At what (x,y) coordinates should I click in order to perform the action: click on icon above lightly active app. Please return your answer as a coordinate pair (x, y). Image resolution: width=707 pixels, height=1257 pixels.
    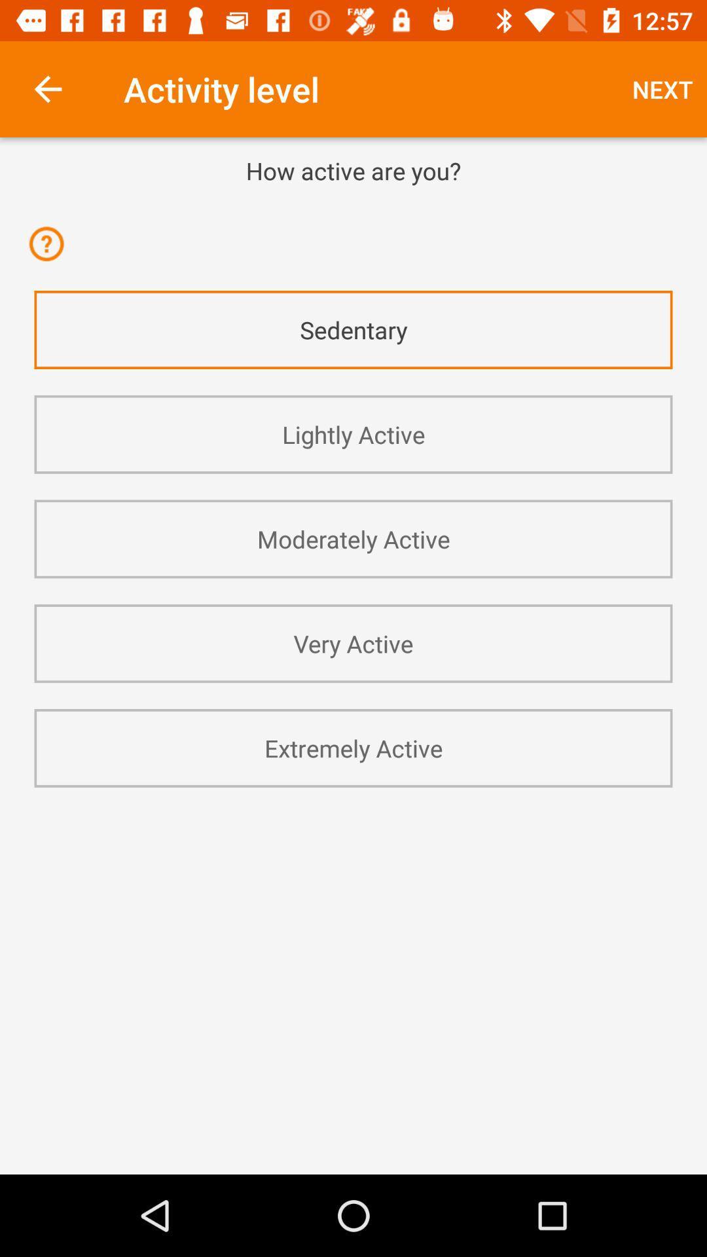
    Looking at the image, I should click on (353, 330).